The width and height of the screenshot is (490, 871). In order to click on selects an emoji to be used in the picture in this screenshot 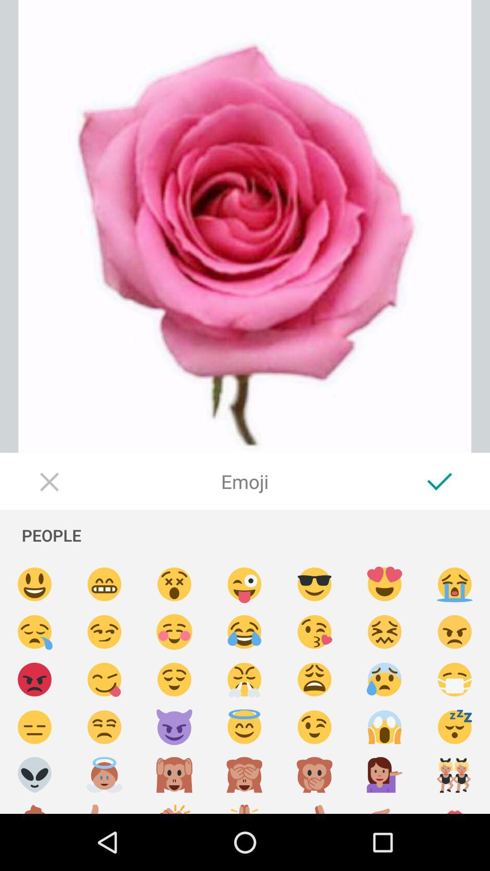, I will do `click(314, 727)`.